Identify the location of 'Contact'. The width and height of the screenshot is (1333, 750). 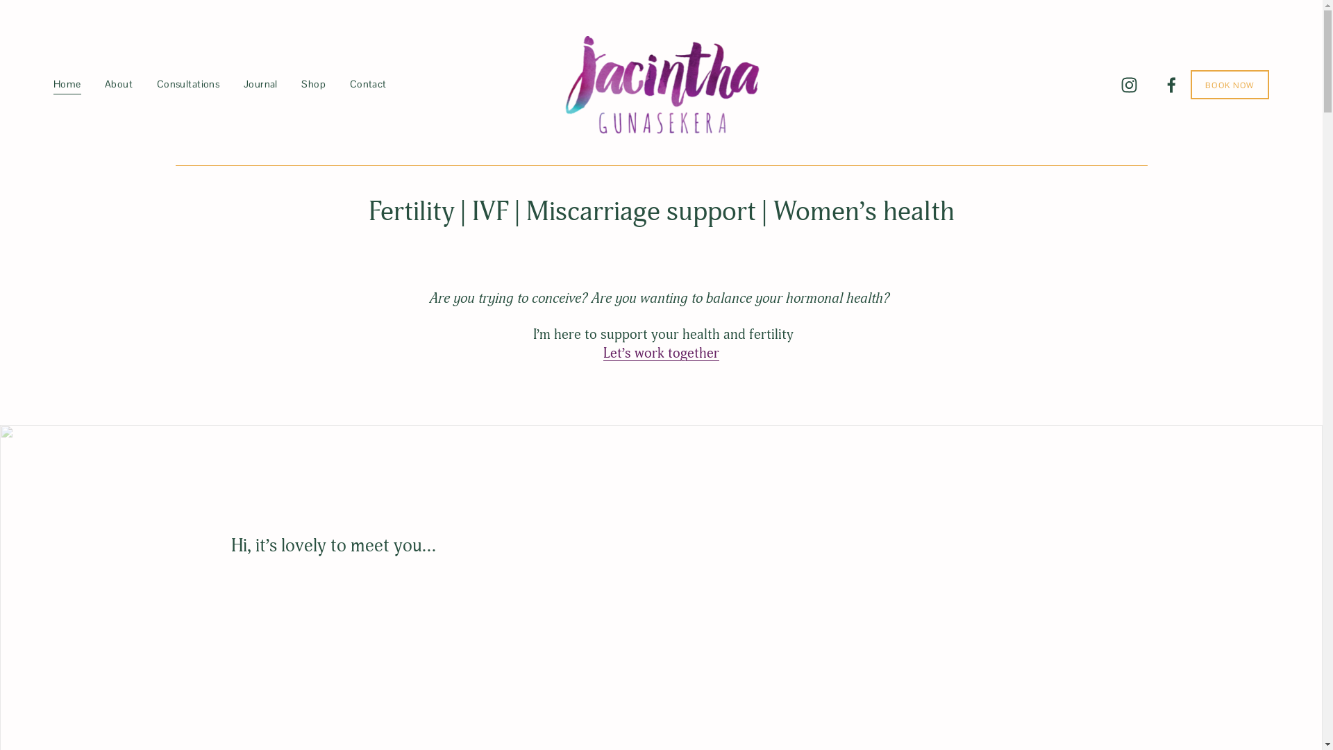
(368, 85).